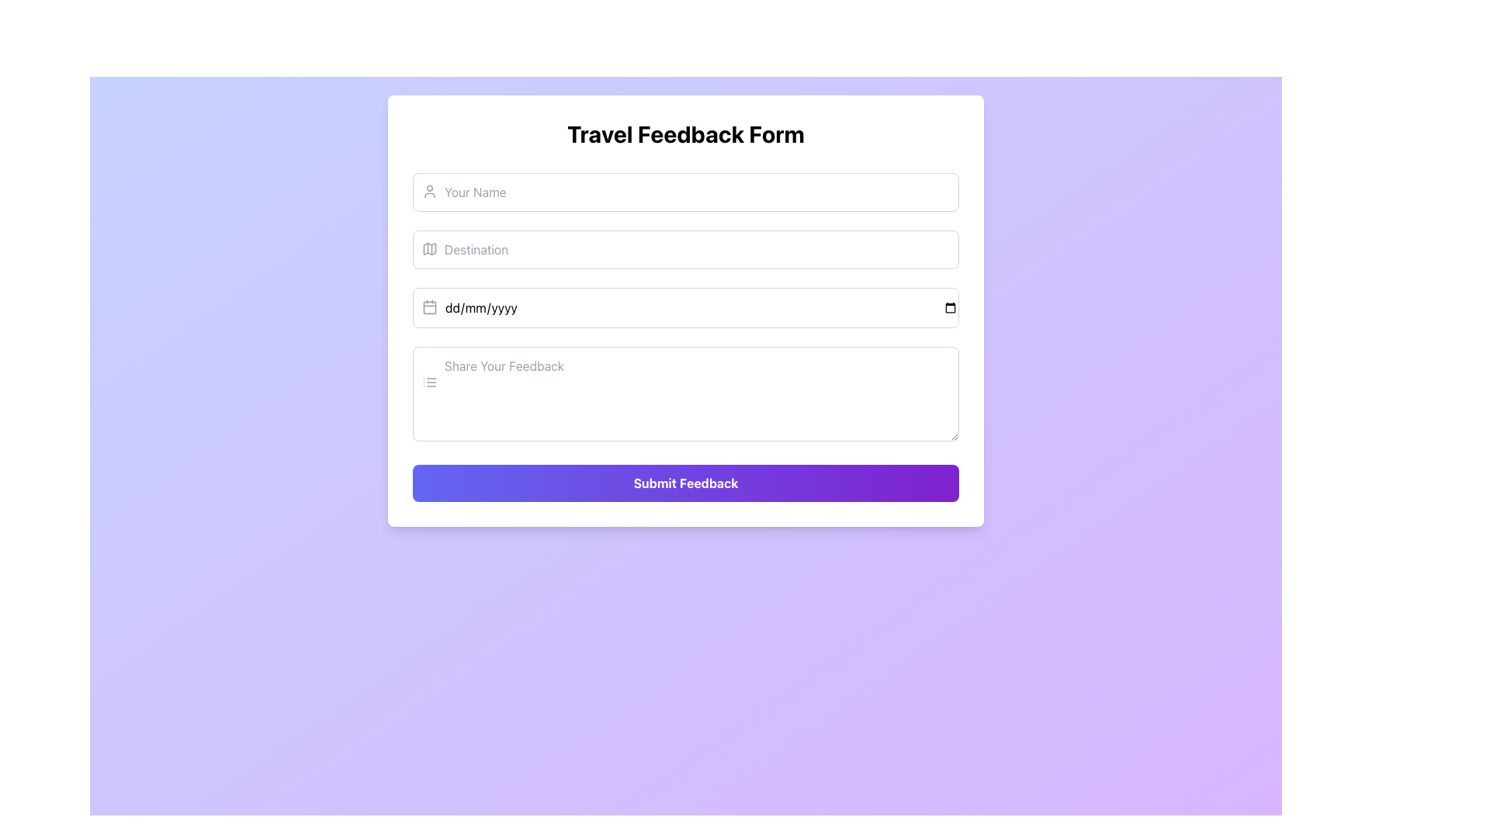  I want to click on the calendar icon located to the left of the 'dd/mm/yyyy' placeholder within the 'Date' input field of the 'Travel Feedback Form', so click(429, 306).